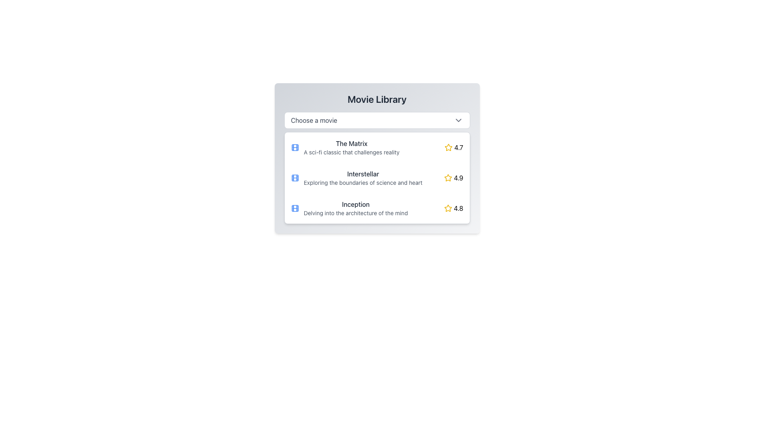 Image resolution: width=769 pixels, height=432 pixels. I want to click on the 'Interstellar' text label to focus on its description, which is the second item in a list of movies in a card-like layout, so click(367, 177).